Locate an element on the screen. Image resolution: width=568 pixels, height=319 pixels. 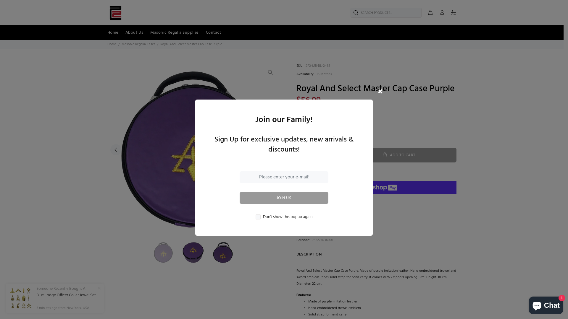
'Home' is located at coordinates (112, 44).